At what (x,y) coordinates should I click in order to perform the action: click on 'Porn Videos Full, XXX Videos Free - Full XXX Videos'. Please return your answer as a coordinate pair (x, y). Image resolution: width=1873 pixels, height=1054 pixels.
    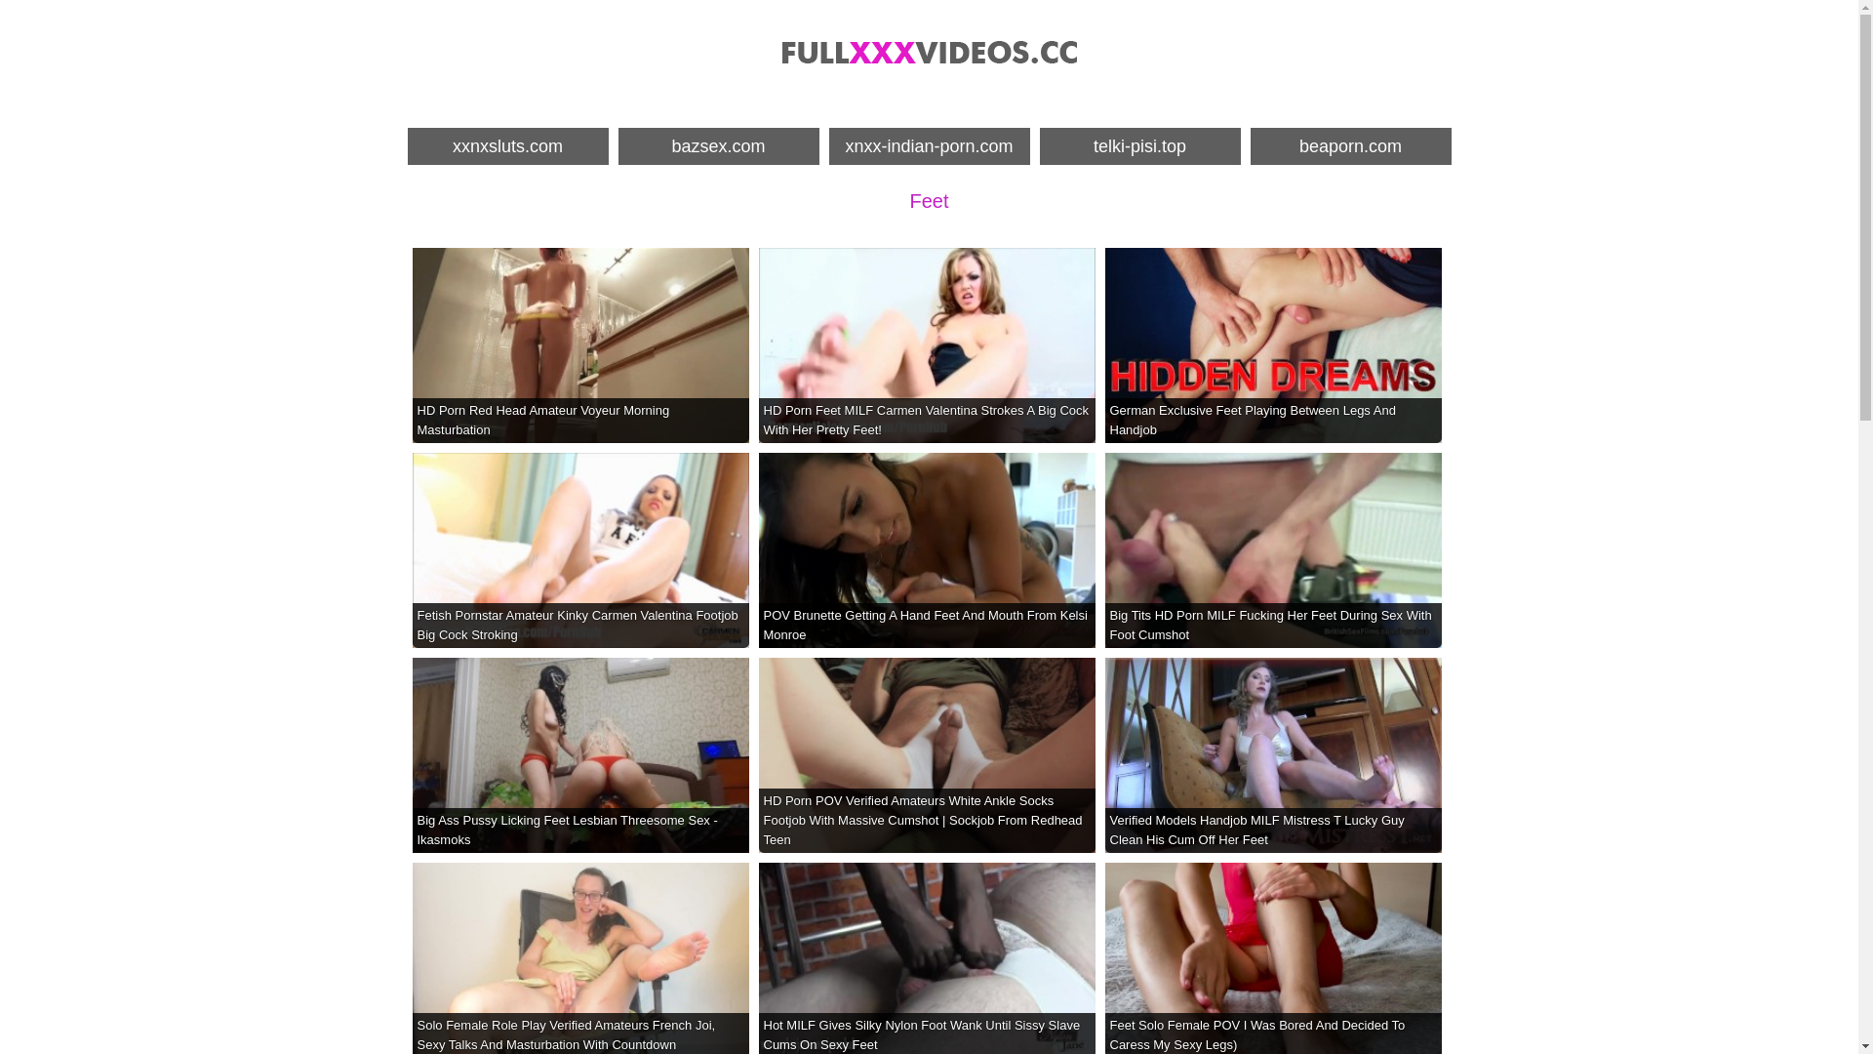
    Looking at the image, I should click on (927, 51).